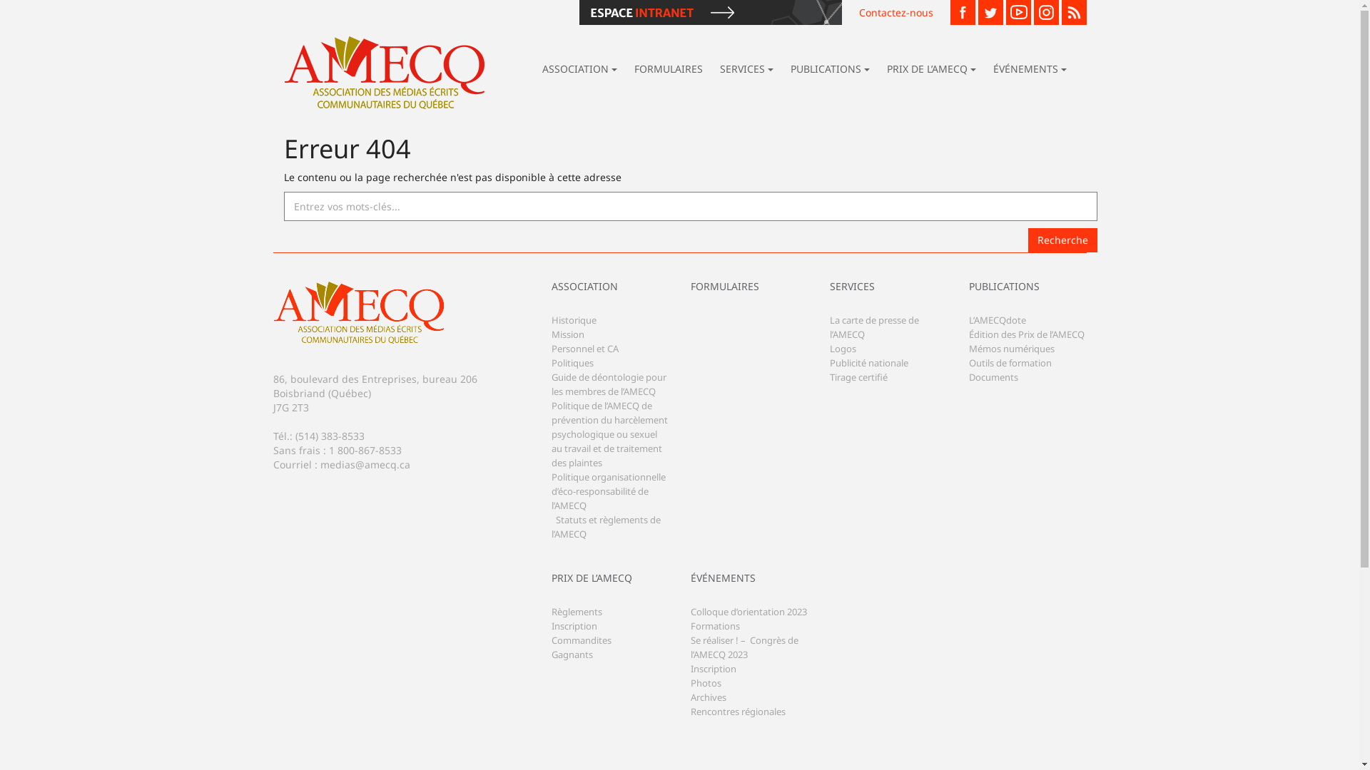 The image size is (1370, 770). I want to click on 'Archives', so click(709, 707).